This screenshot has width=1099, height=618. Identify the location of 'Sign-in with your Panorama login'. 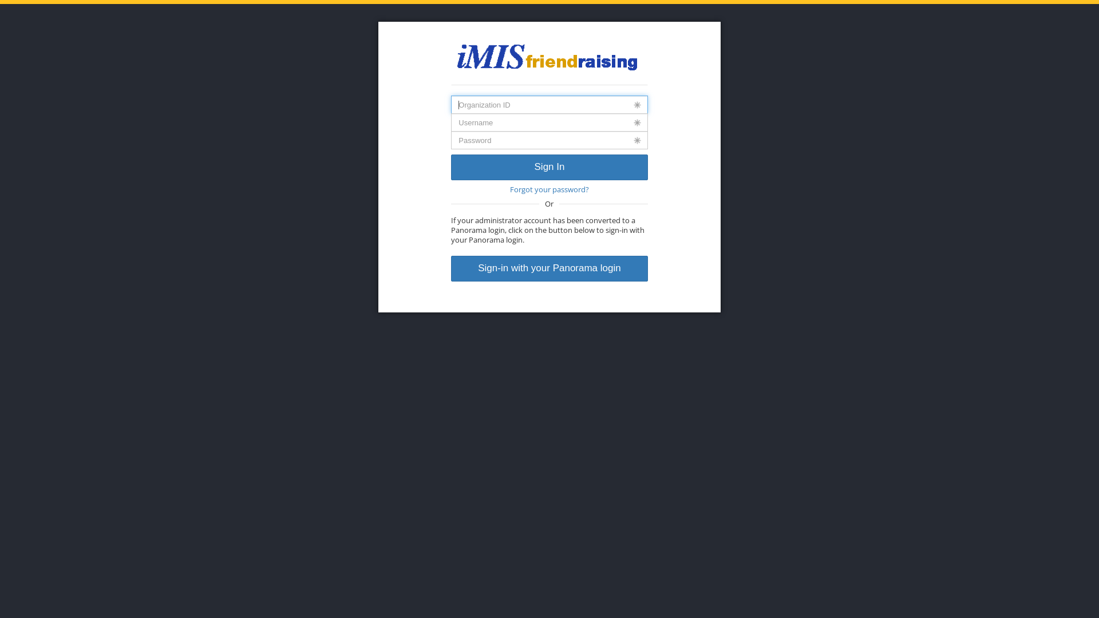
(450, 268).